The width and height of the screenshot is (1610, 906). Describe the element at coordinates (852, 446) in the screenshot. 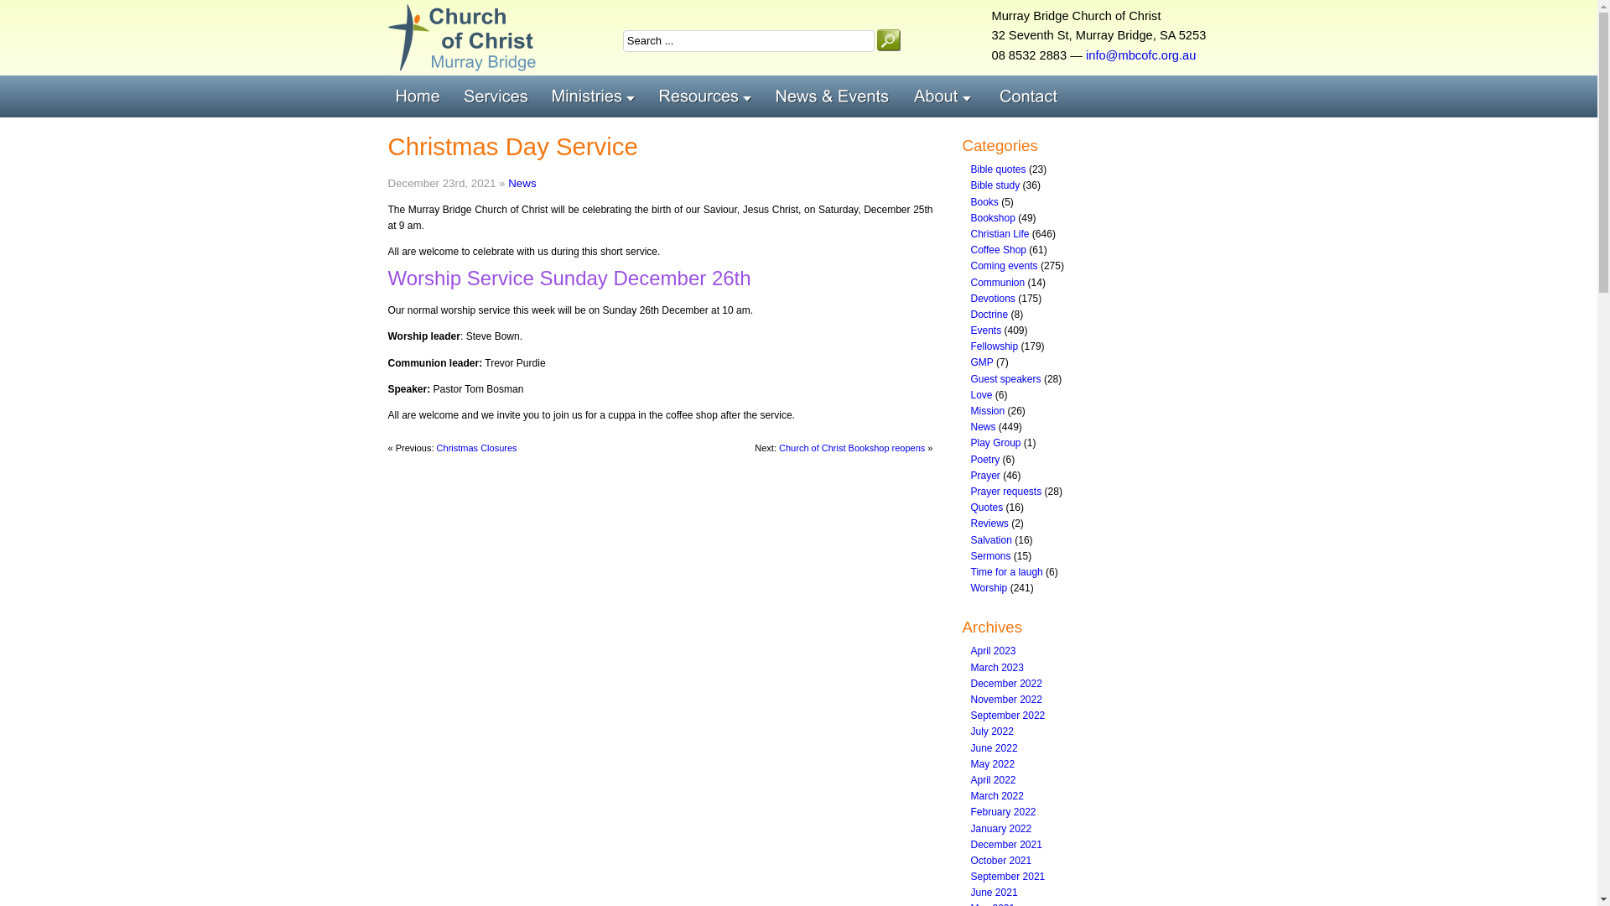

I see `'Church of Christ Bookshop reopens'` at that location.